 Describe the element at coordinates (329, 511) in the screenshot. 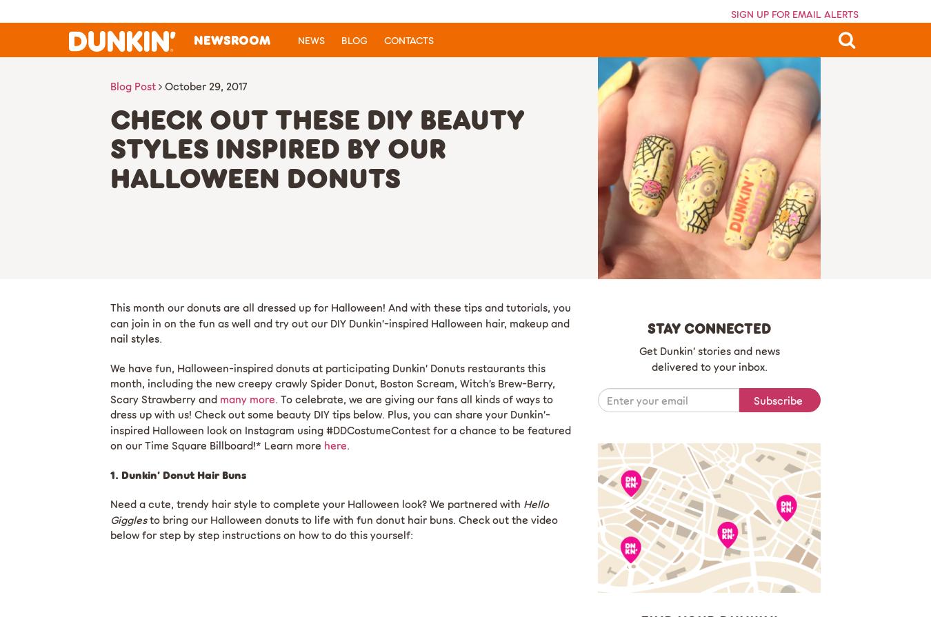

I see `'Hello Giggles'` at that location.